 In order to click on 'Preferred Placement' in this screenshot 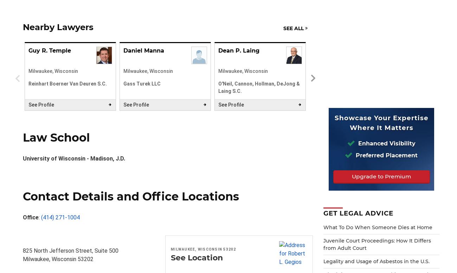, I will do `click(385, 155)`.